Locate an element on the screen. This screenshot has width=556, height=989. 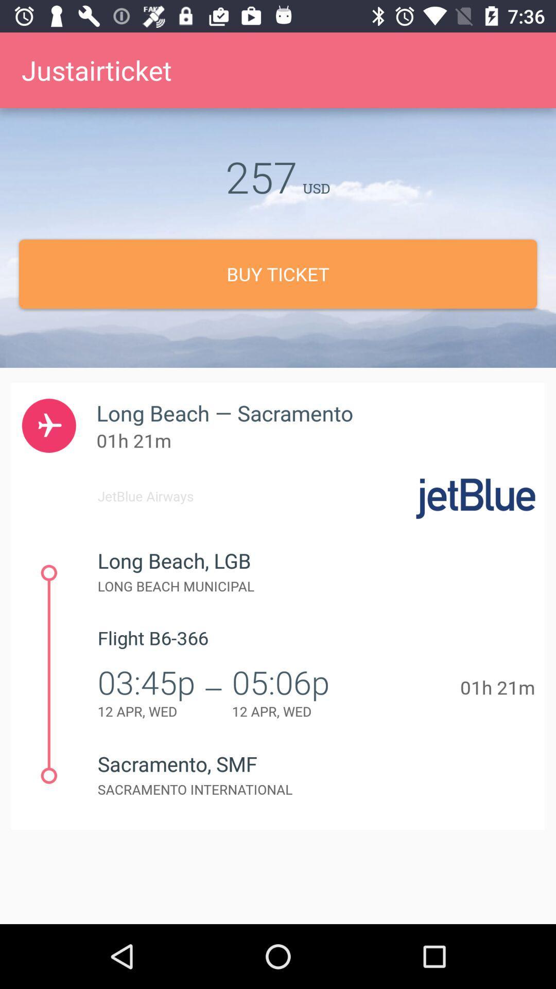
item below the 257 is located at coordinates (278, 274).